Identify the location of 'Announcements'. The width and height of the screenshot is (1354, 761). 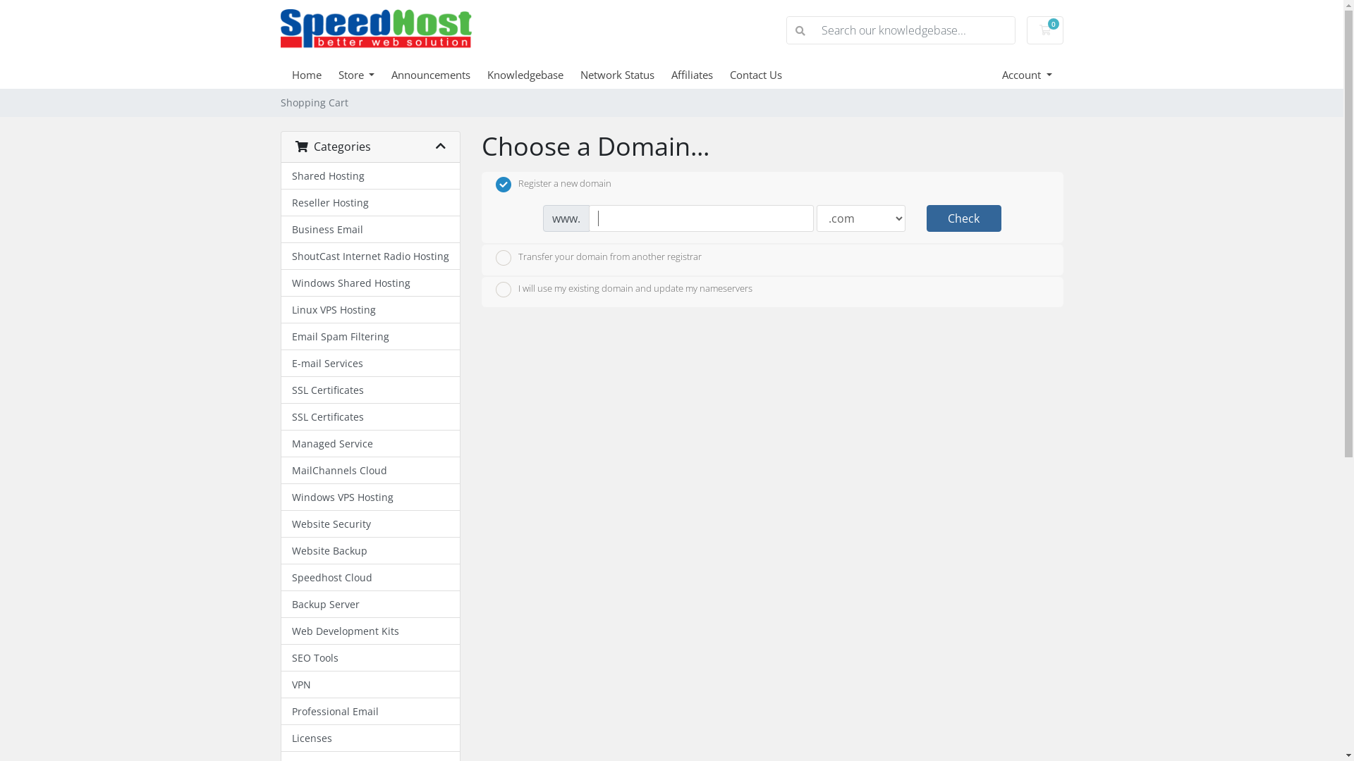
(439, 74).